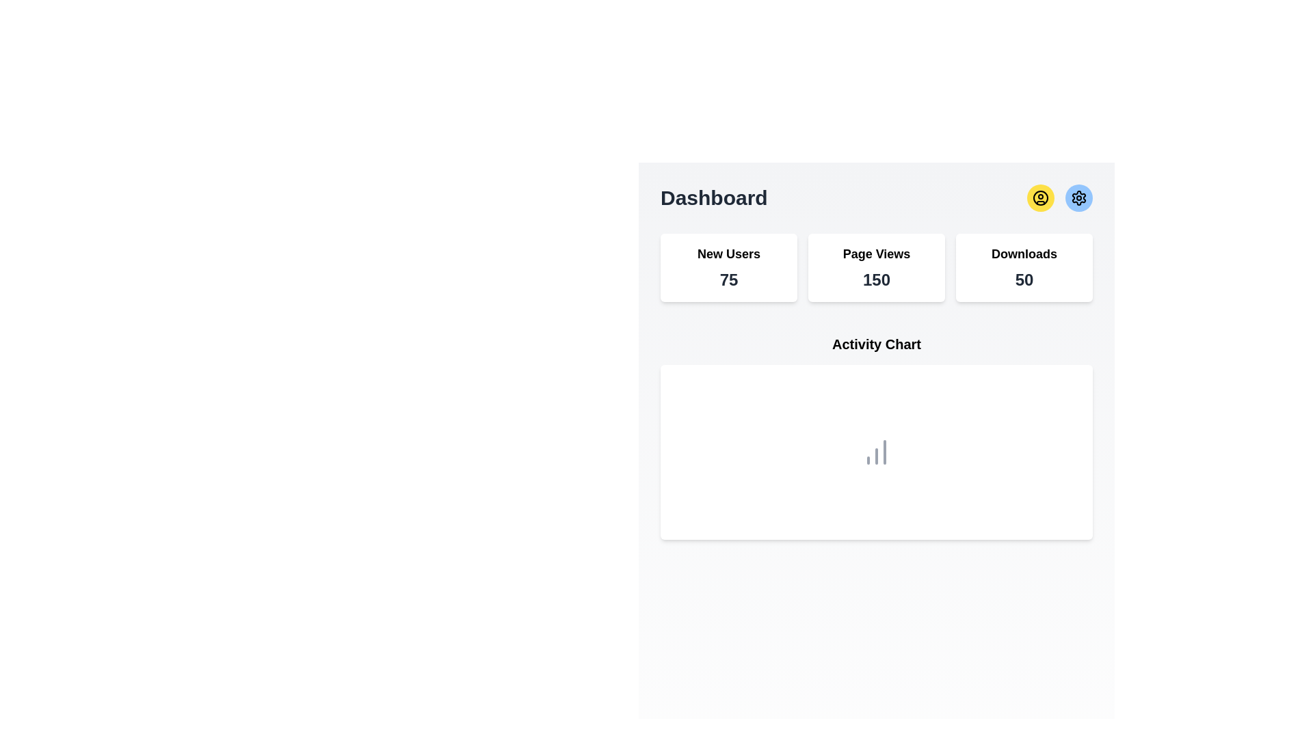 The height and width of the screenshot is (738, 1313). I want to click on the 'New Users' text label displayed prominently in bold, sans-serif font within a white card on the dashboard interface, so click(728, 254).